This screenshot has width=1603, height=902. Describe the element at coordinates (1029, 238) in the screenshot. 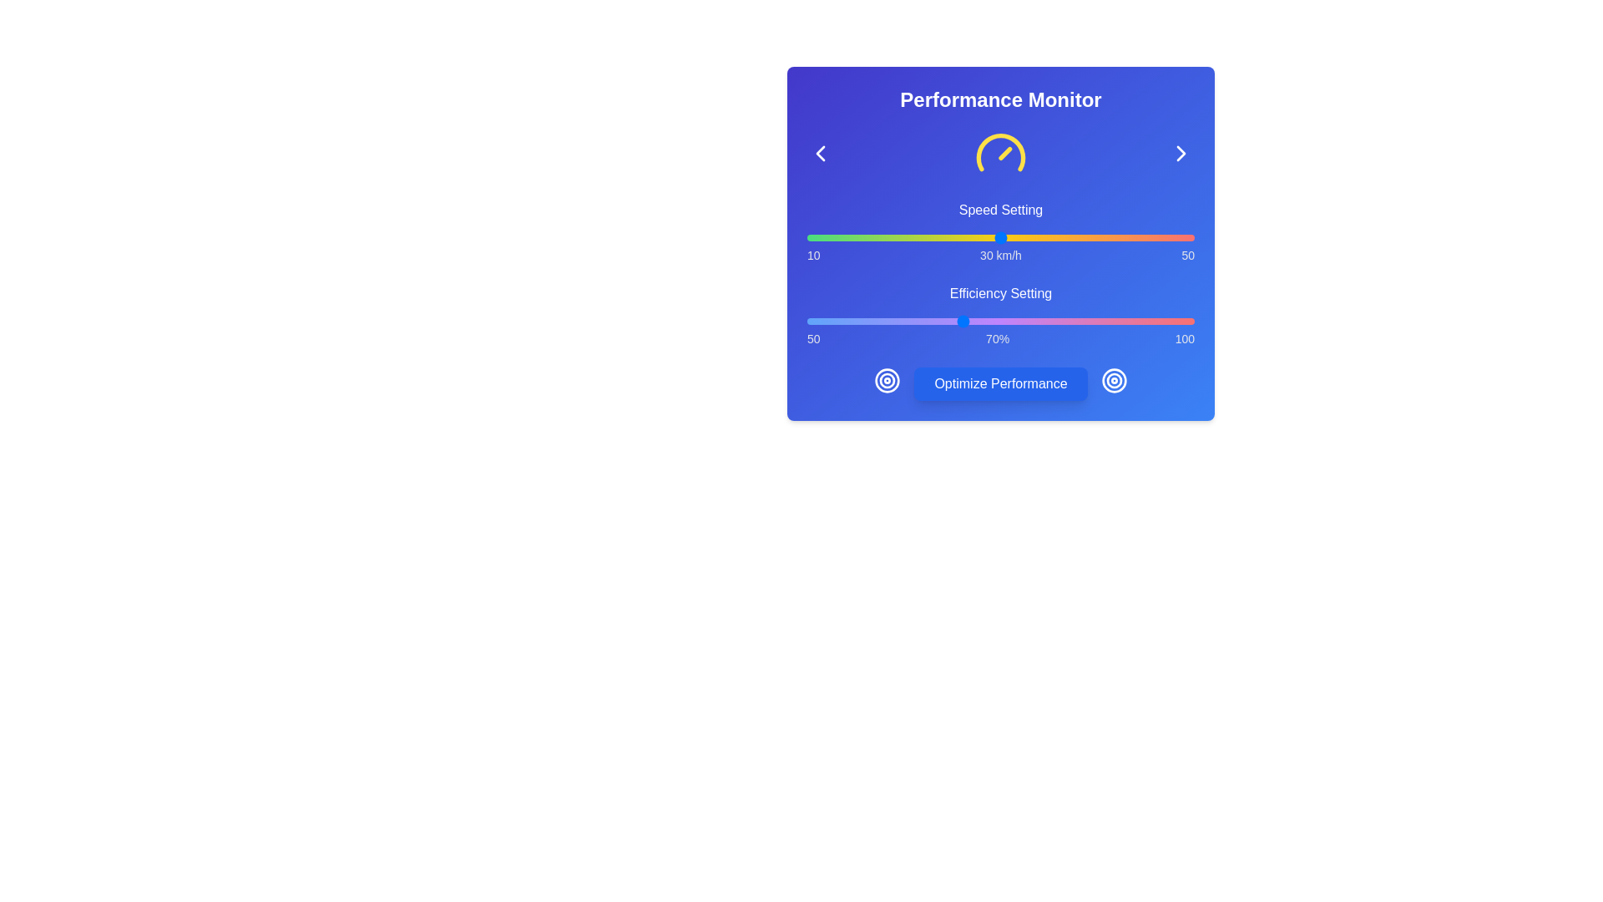

I see `the speed slider to 33 km/h` at that location.